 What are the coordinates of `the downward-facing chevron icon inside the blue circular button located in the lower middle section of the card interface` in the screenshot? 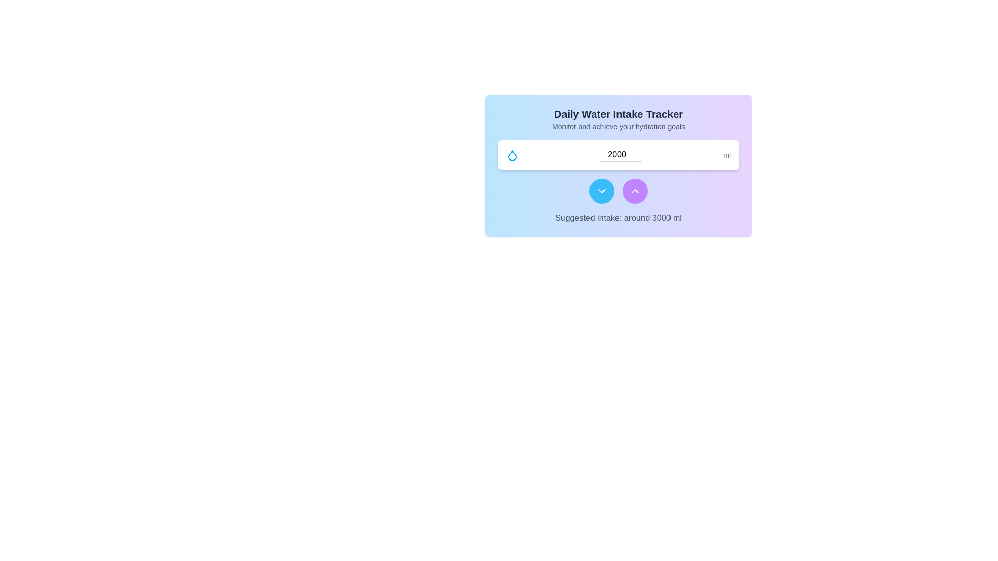 It's located at (601, 191).